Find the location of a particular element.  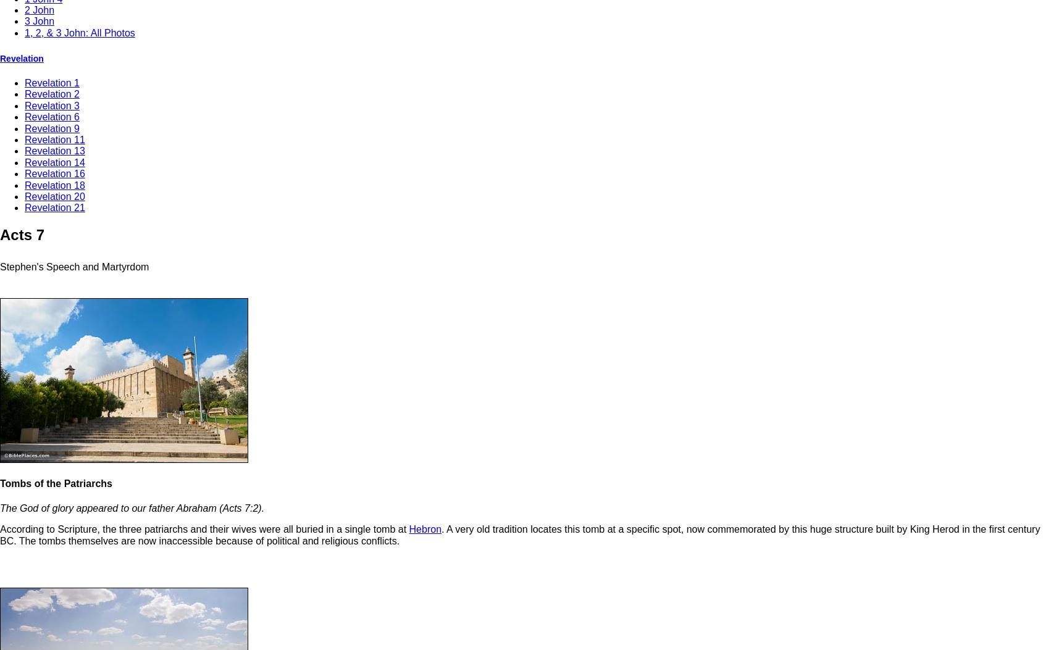

'Revelation 14' is located at coordinates (24, 161).